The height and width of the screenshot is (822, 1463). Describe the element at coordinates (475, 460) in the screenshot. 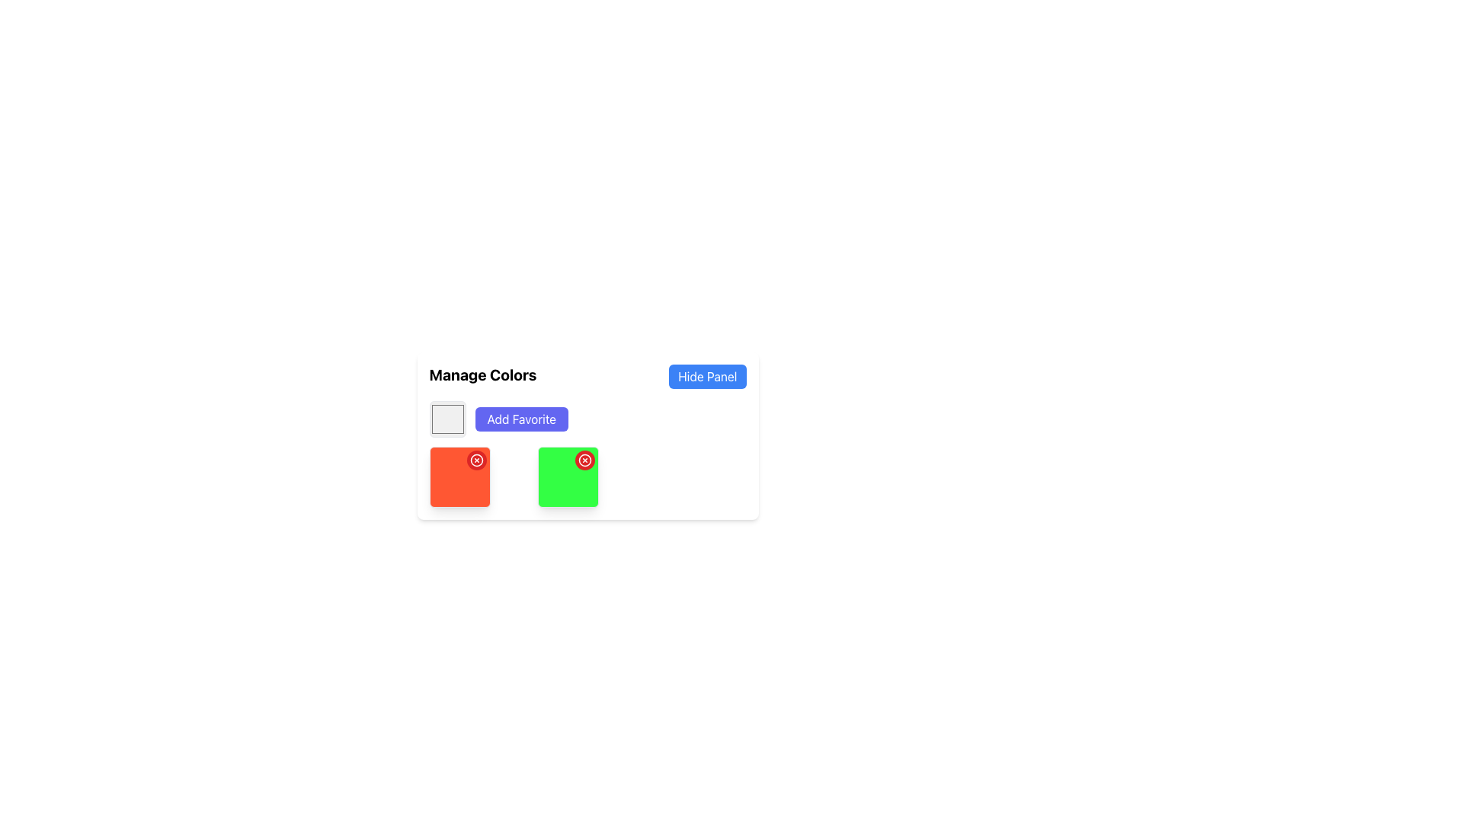

I see `the red circular button with a white cross icon located at the top-right corner of the orange square tile in the 'Manage Colors' panel` at that location.